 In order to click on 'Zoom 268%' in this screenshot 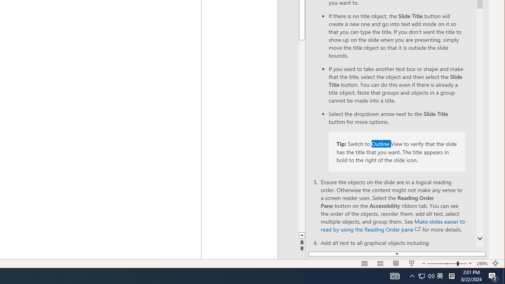, I will do `click(482, 263)`.